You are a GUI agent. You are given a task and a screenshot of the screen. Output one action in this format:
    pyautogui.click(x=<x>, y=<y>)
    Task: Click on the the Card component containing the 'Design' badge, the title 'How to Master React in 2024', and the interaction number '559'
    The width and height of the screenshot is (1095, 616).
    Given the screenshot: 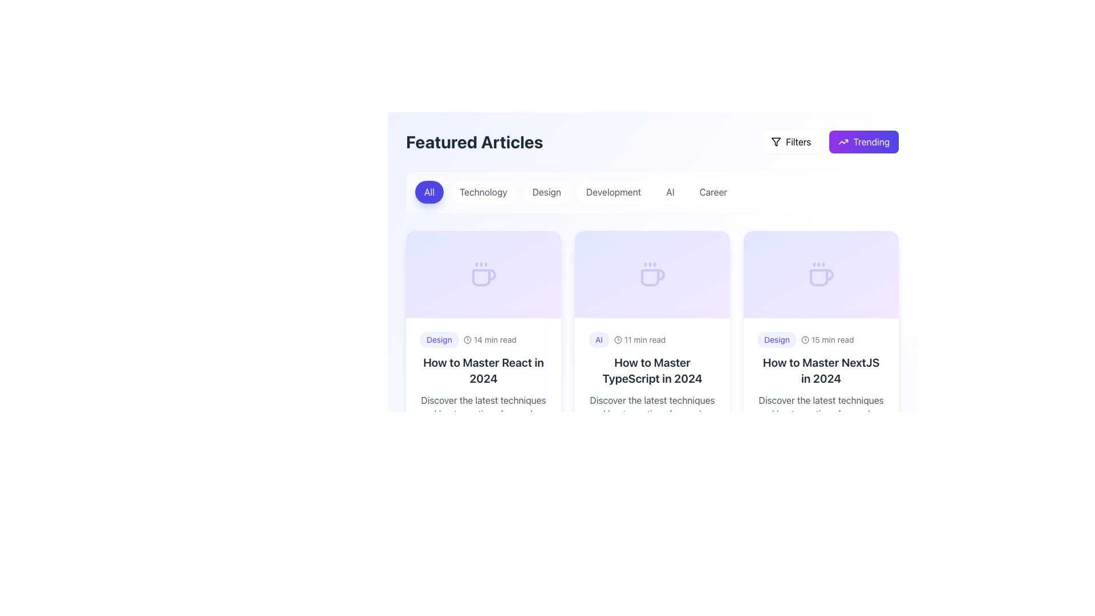 What is the action you would take?
    pyautogui.click(x=484, y=390)
    